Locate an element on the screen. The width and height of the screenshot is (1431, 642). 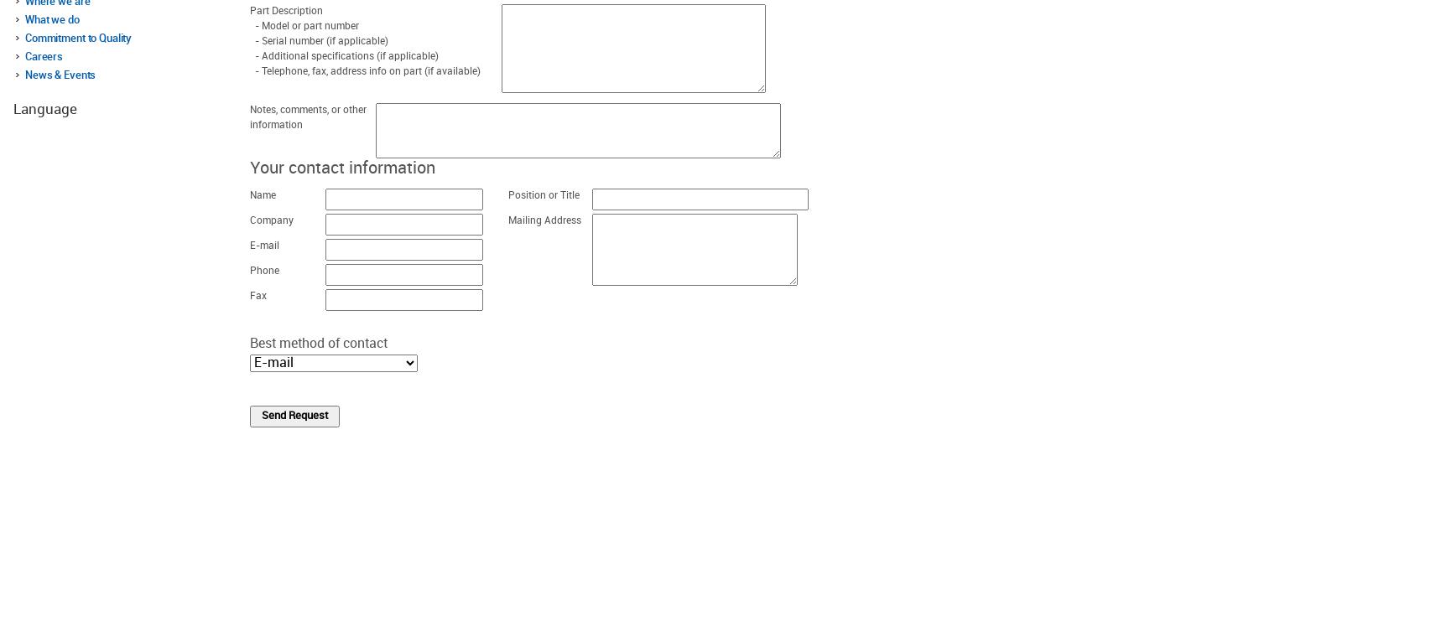
'Name' is located at coordinates (250, 194).